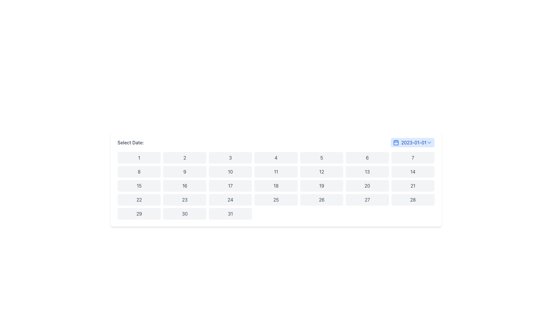 This screenshot has width=560, height=315. I want to click on displayed date from the text label located at the rightmost part of the date picker button, which is preceded by a calendar icon, so click(413, 143).